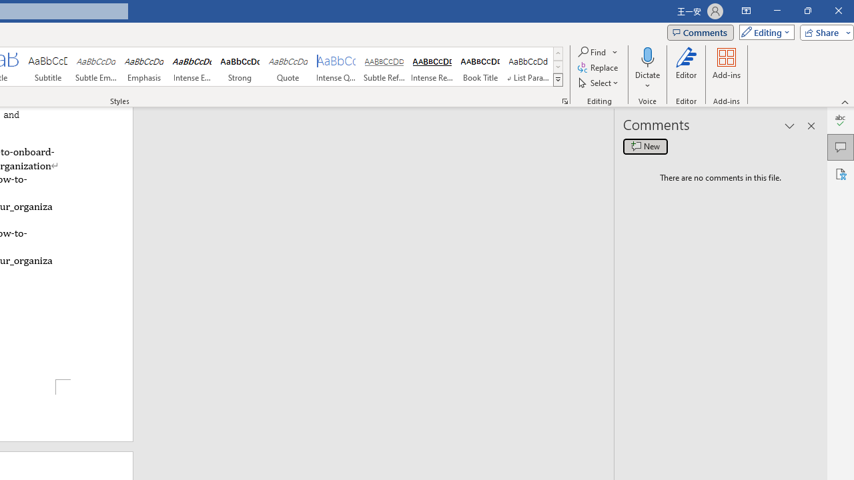 The height and width of the screenshot is (480, 854). Describe the element at coordinates (564, 100) in the screenshot. I see `'Styles...'` at that location.